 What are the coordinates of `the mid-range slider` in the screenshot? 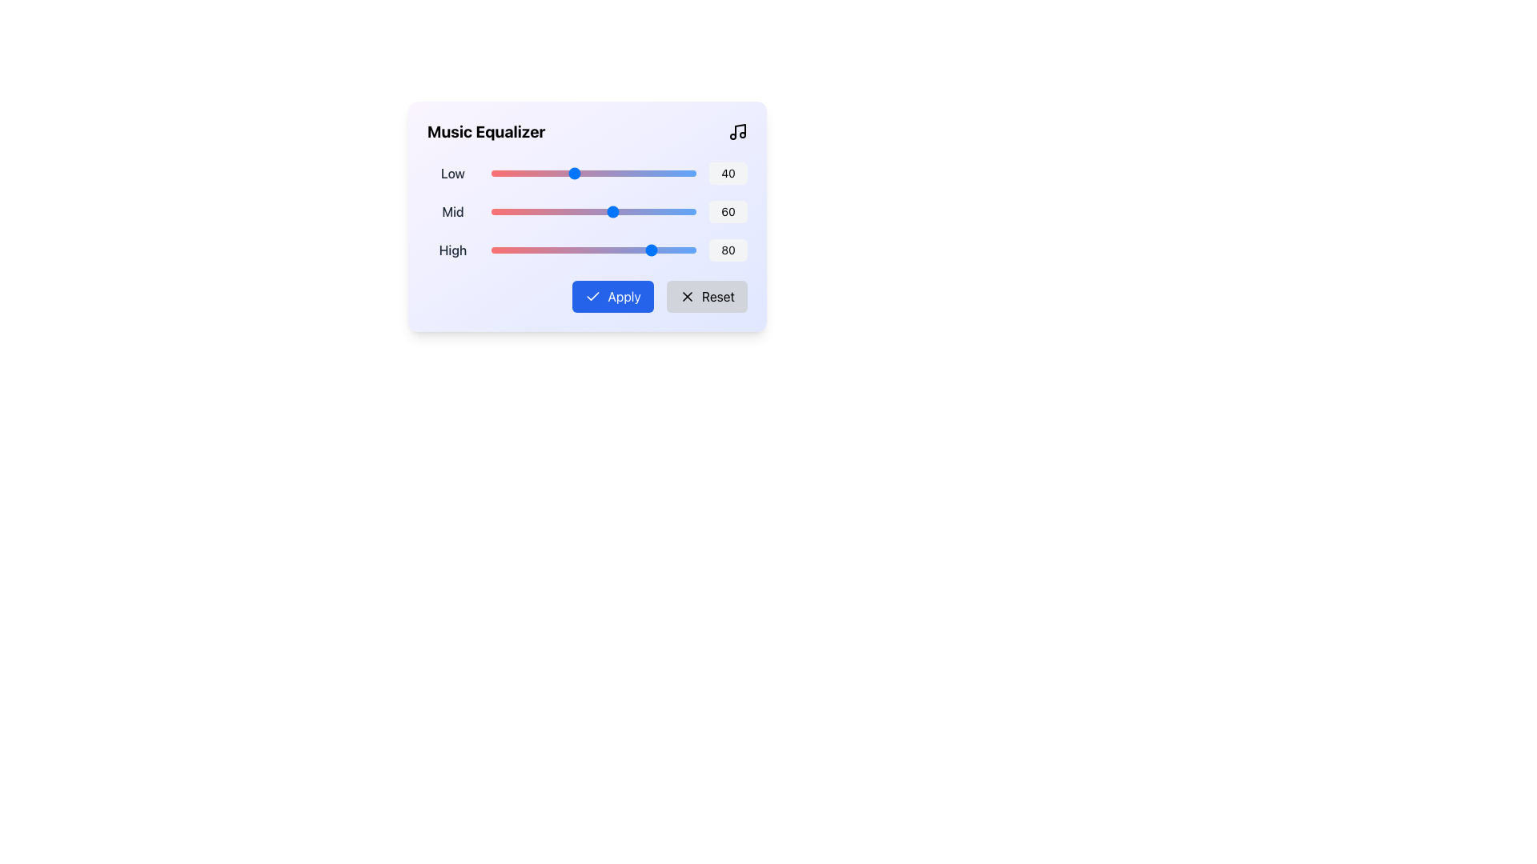 It's located at (659, 211).